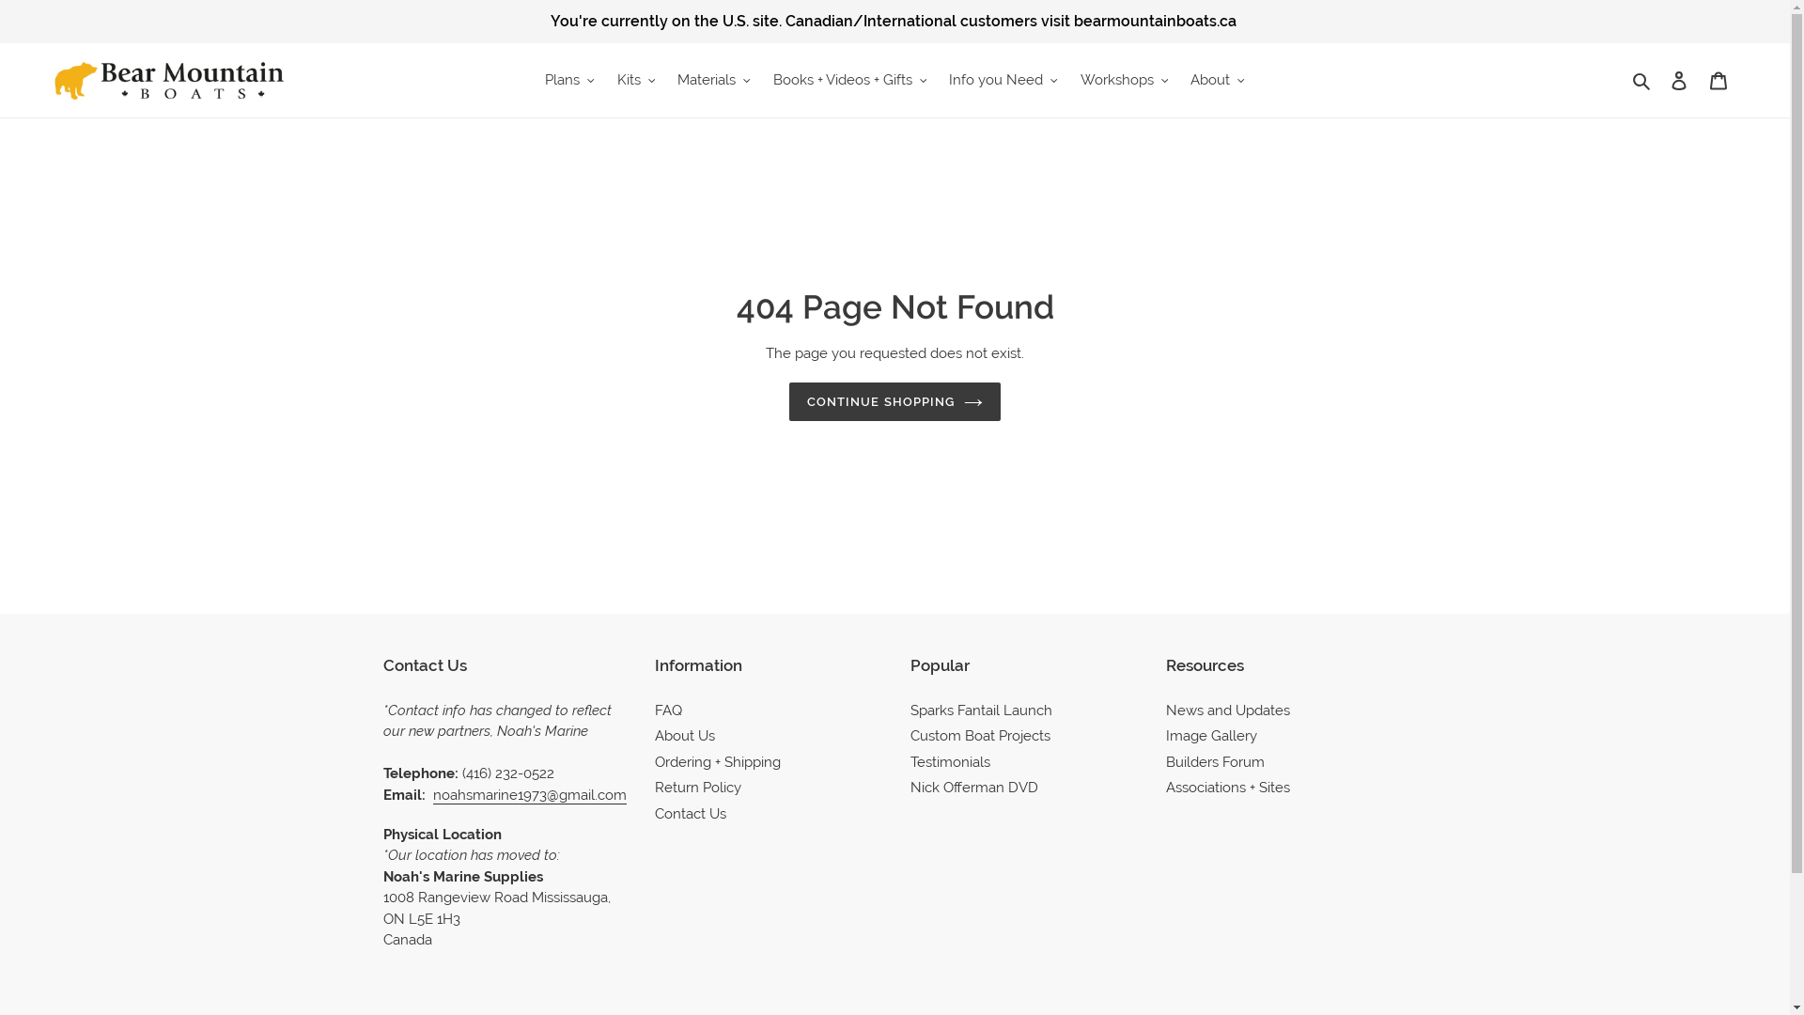 This screenshot has width=1804, height=1015. What do you see at coordinates (1678, 79) in the screenshot?
I see `'Log in'` at bounding box center [1678, 79].